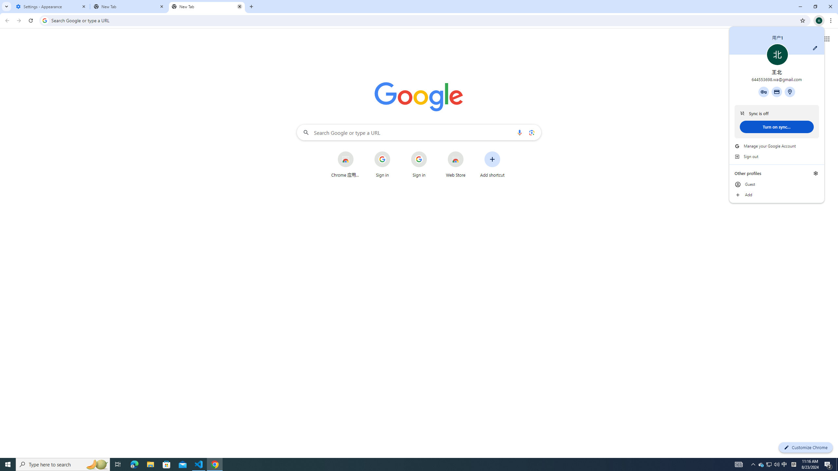  What do you see at coordinates (784, 464) in the screenshot?
I see `'Tray Input Indicator - Chinese (Simplified, China)'` at bounding box center [784, 464].